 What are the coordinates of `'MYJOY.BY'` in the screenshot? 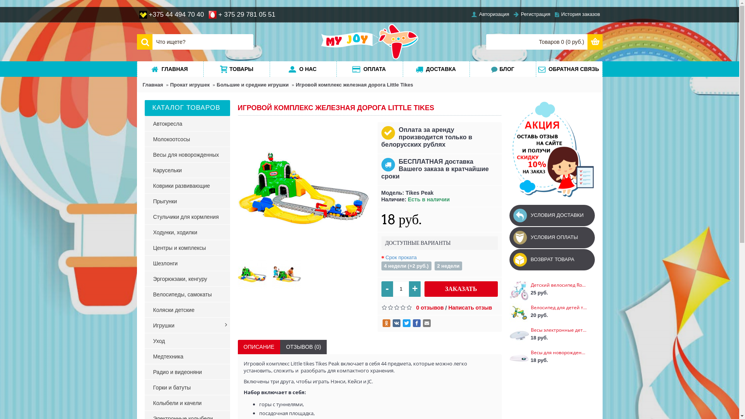 It's located at (369, 42).